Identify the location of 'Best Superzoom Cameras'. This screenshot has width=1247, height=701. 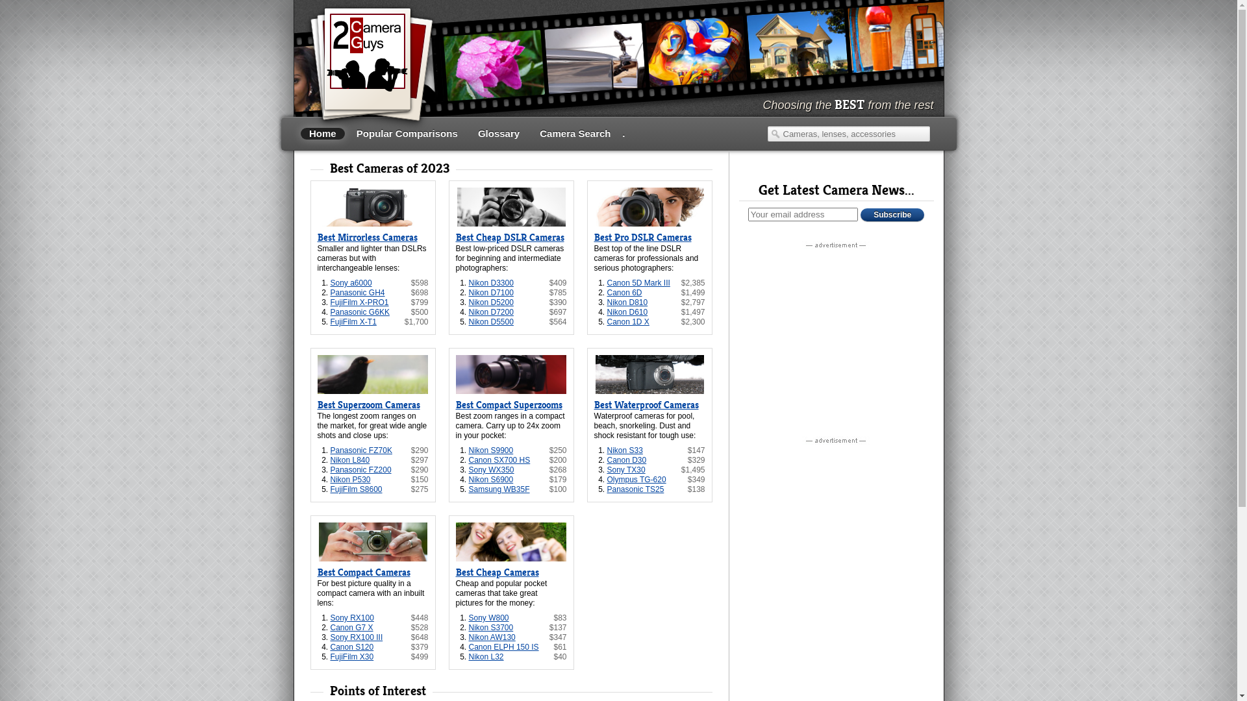
(367, 404).